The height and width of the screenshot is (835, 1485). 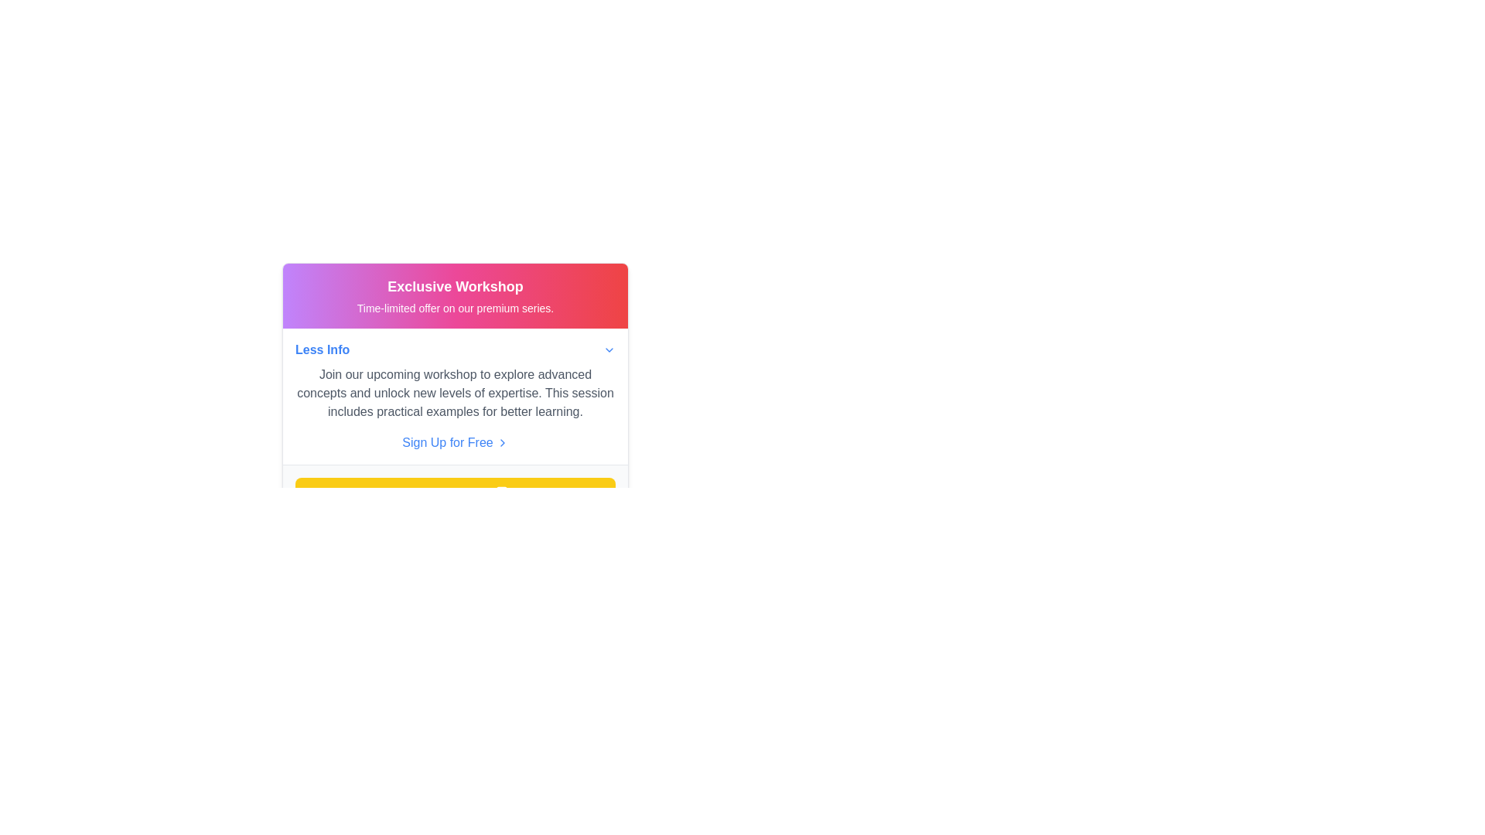 What do you see at coordinates (455, 295) in the screenshot?
I see `the Text Display Section that features a gradient background from purple to red, displaying 'Exclusive Workshop' in bold and larger text, with a smaller line below stating 'Time-limited offer on our premium series.'` at bounding box center [455, 295].